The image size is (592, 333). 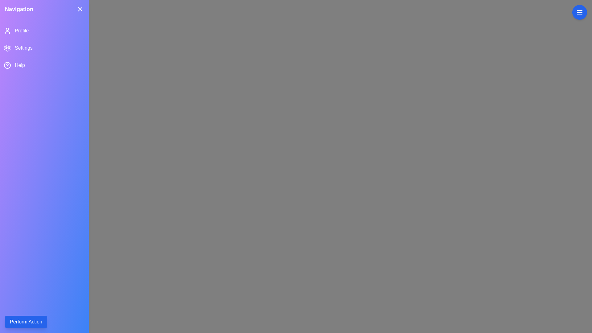 What do you see at coordinates (7, 47) in the screenshot?
I see `the gear icon representing settings, which is located to the left of the 'Settings' text in the navigation menu` at bounding box center [7, 47].